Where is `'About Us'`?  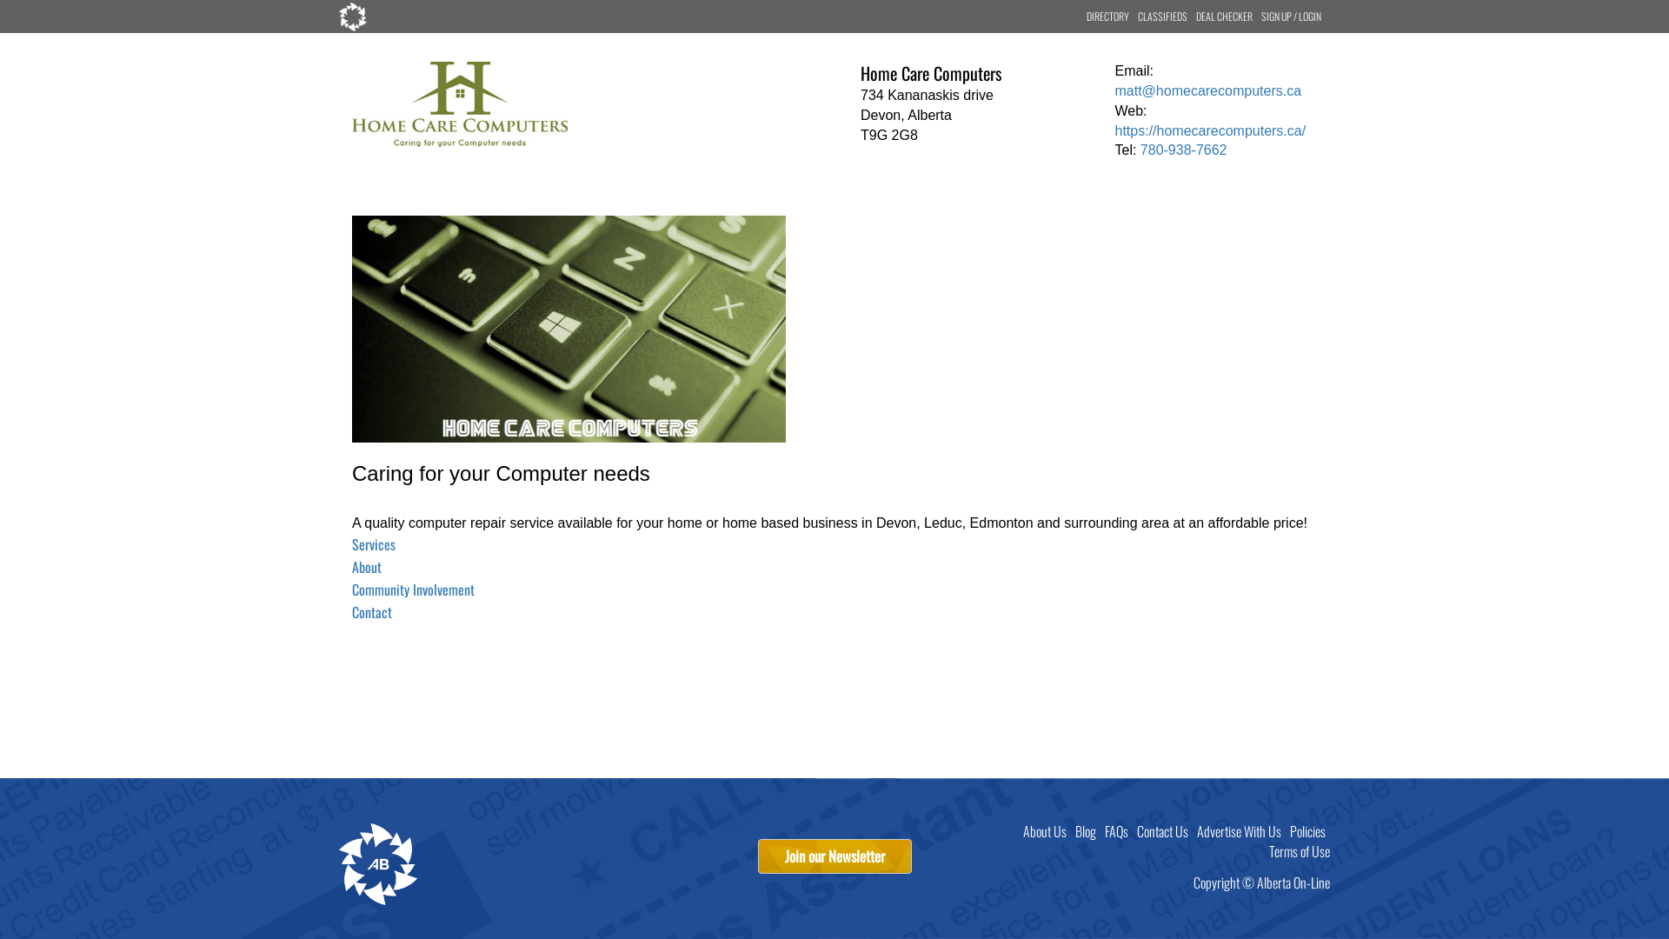
'About Us' is located at coordinates (1043, 830).